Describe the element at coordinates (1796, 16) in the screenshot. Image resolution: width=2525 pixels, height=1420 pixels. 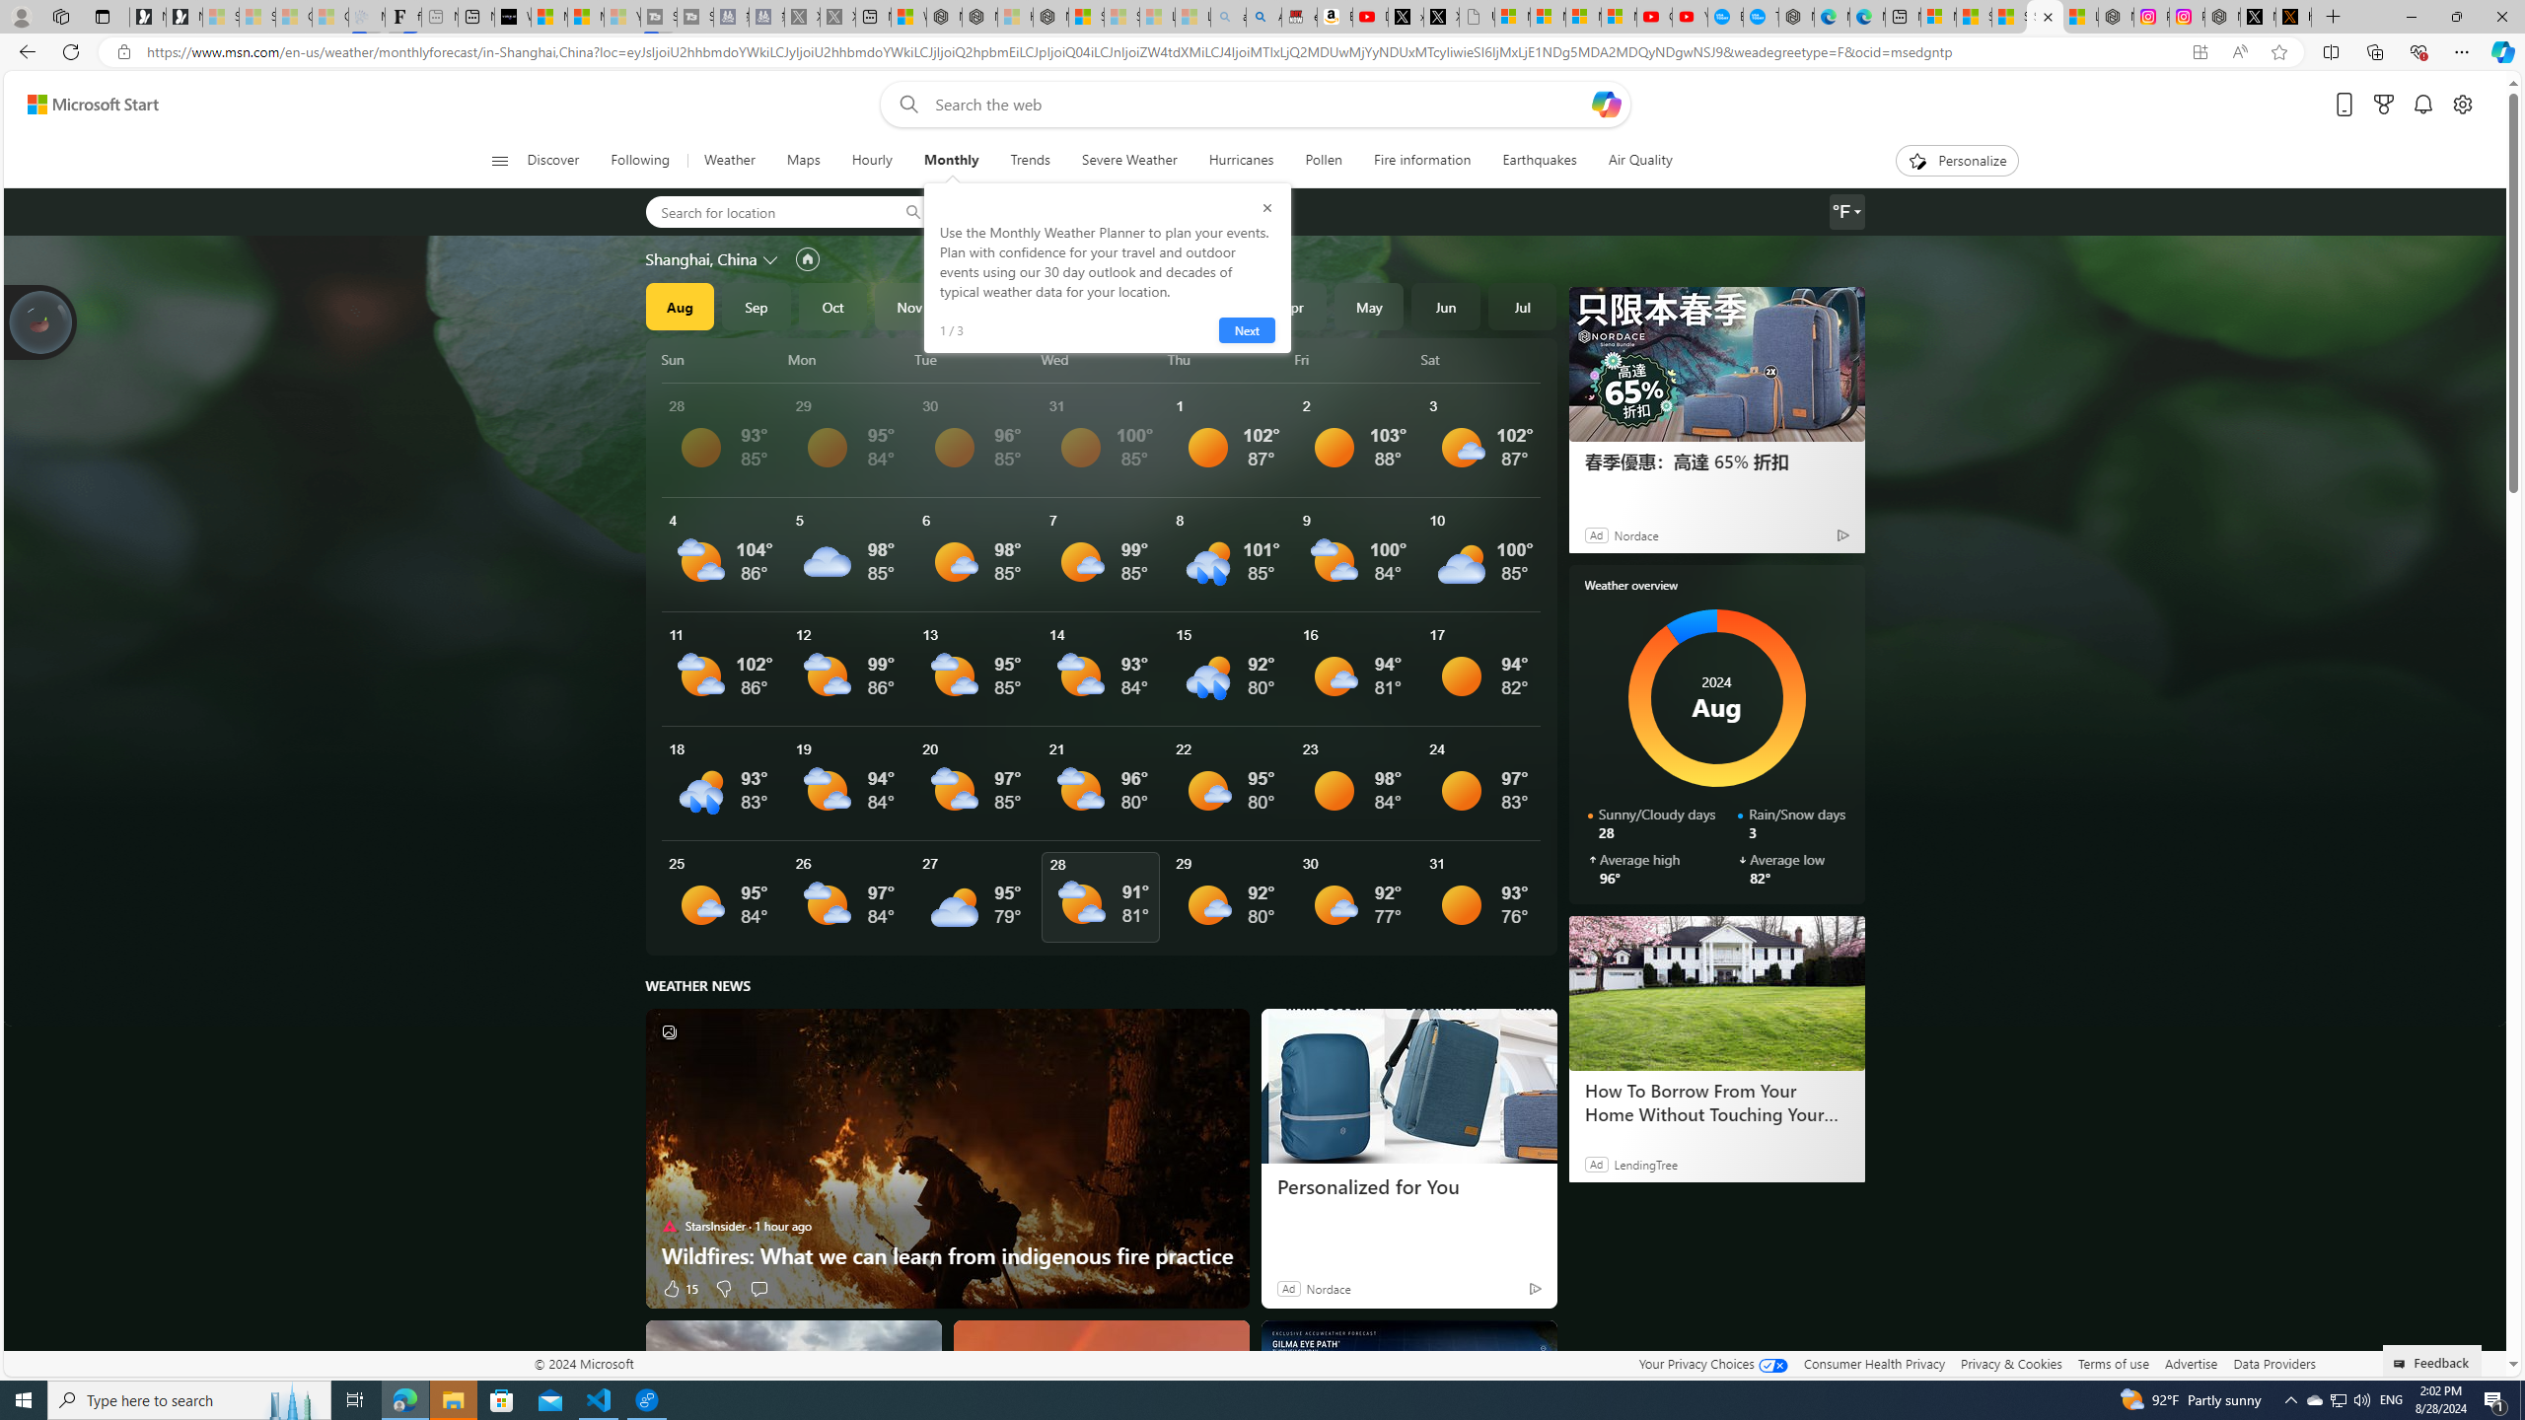
I see `'Nordace - Nordace has arrived Hong Kong'` at that location.